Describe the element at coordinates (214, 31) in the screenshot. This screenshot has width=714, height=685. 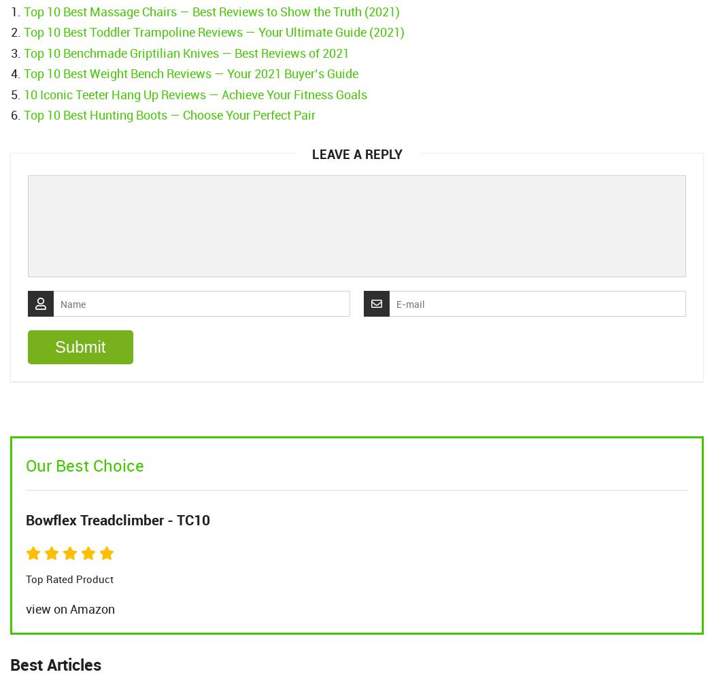
I see `'Top 10 Best Toddler Trampoline Reviews — Your Ultimate Guide (2021)'` at that location.